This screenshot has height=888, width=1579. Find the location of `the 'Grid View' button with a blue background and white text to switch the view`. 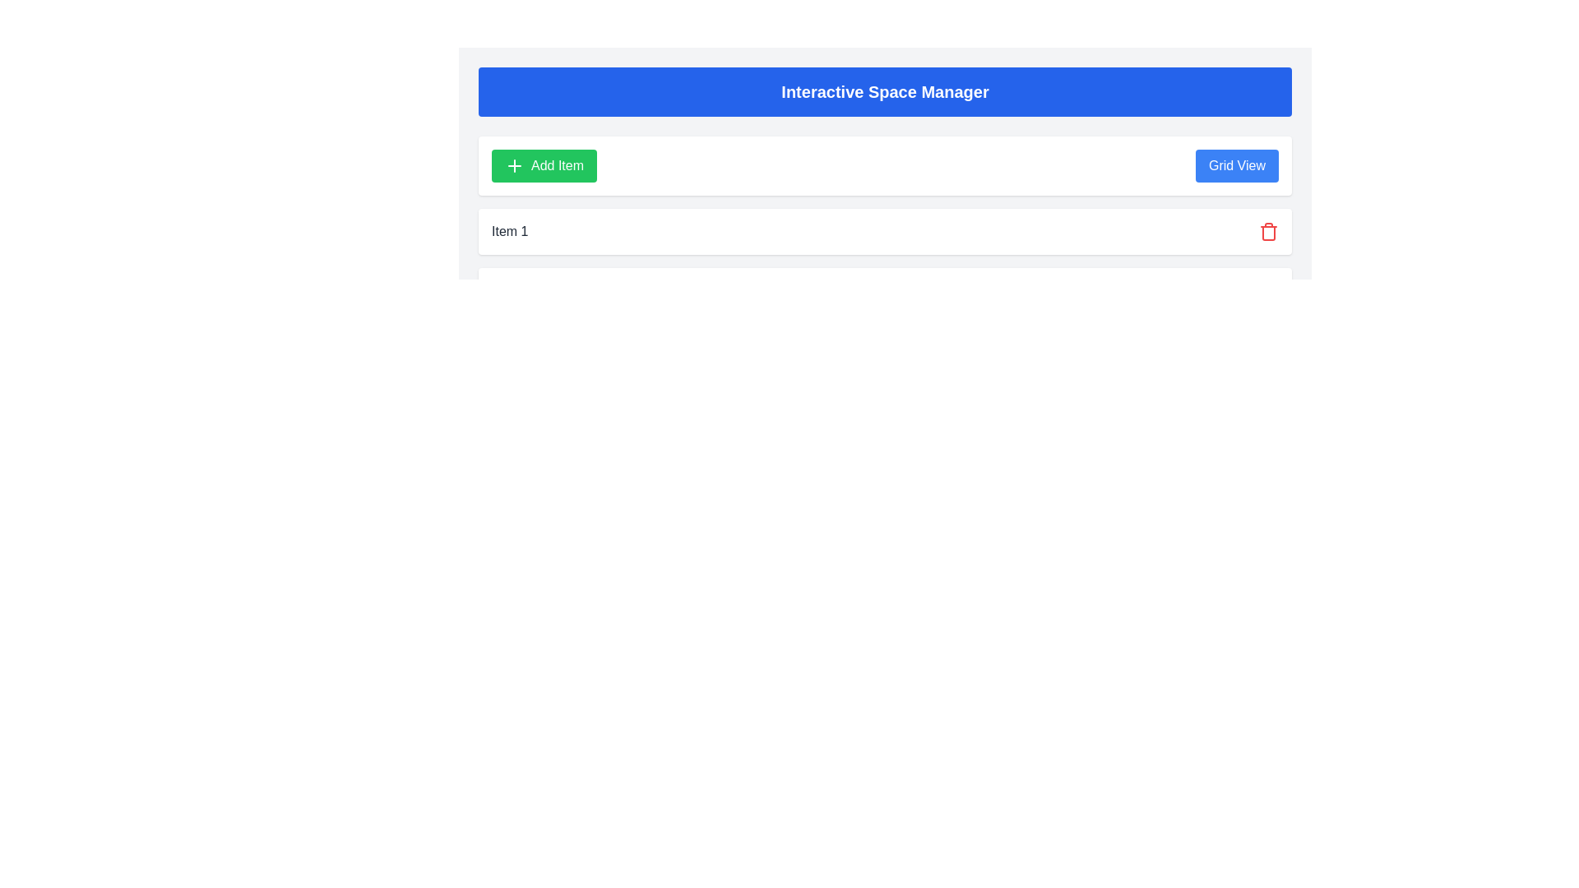

the 'Grid View' button with a blue background and white text to switch the view is located at coordinates (1236, 165).